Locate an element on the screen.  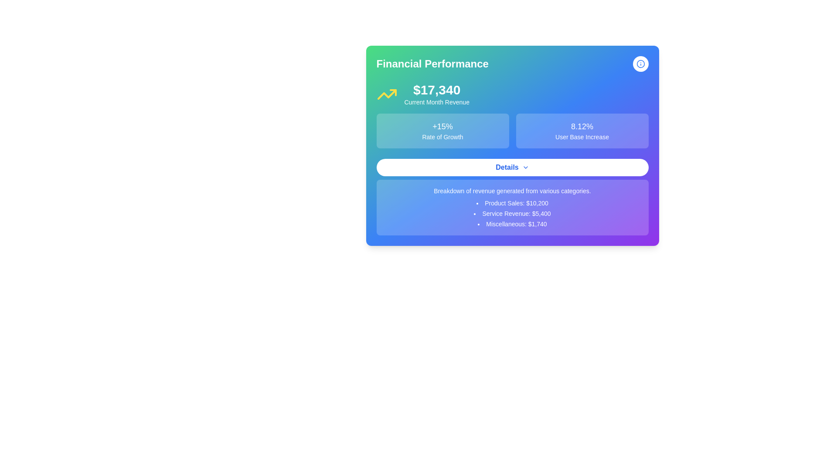
informational text block that provides a detailed breakdown of revenues categorized by product sales, service revenue, and miscellaneous income, located below the 'Details' button in the financial performance card is located at coordinates (512, 197).